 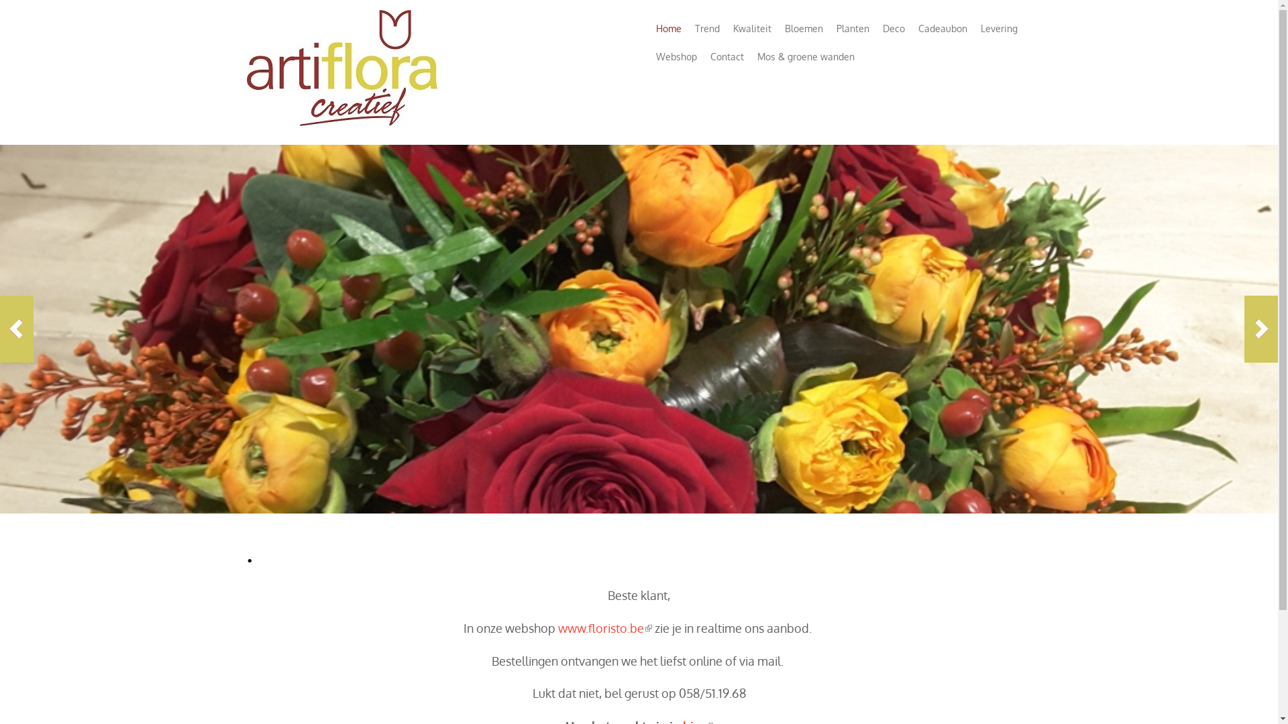 I want to click on 'Mos & groene wanden', so click(x=805, y=56).